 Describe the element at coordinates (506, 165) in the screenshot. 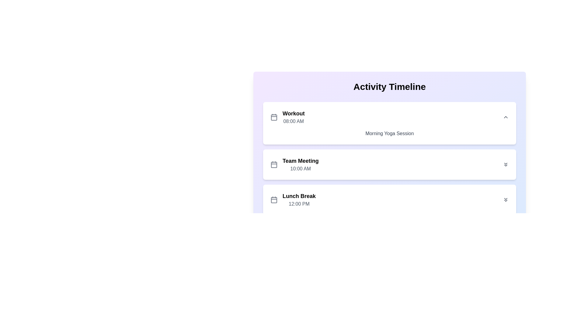

I see `the Icon button in the top-right corner of the 'Team Meeting 10:00 AM' card` at that location.